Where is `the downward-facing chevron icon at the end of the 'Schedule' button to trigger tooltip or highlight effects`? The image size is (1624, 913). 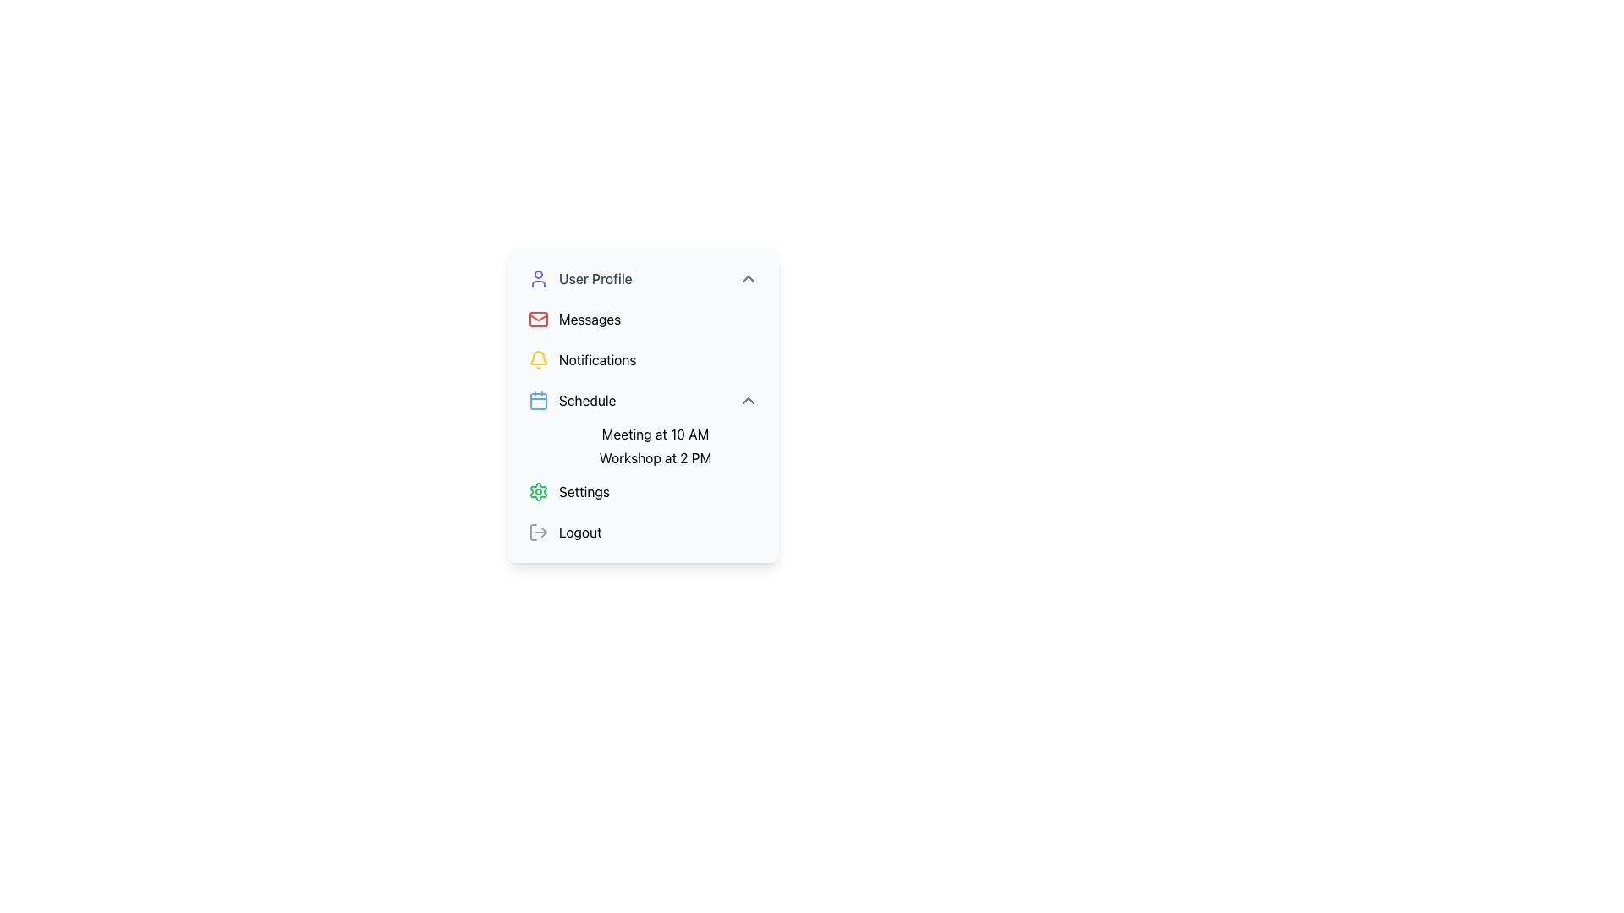 the downward-facing chevron icon at the end of the 'Schedule' button to trigger tooltip or highlight effects is located at coordinates (747, 401).